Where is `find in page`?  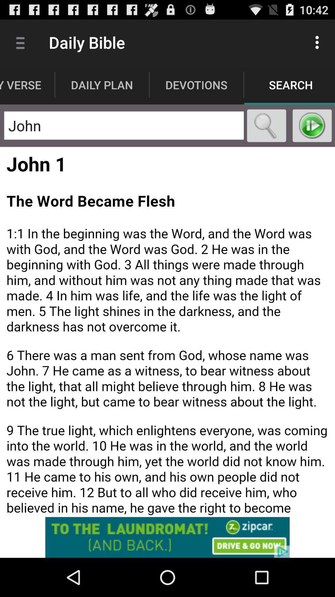 find in page is located at coordinates (266, 125).